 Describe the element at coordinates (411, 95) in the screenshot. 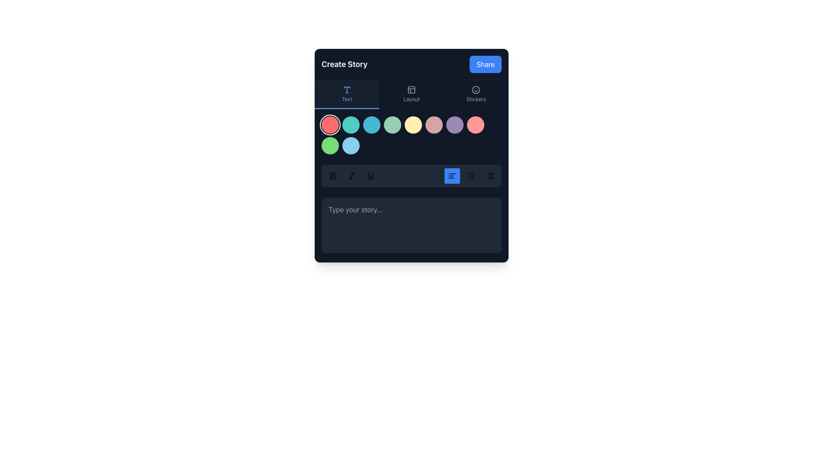

I see `the 'Layout' button, which features a layout grid icon and is the second button in a horizontal arrangement of 'Text', 'Layout', and 'Stickers'` at that location.